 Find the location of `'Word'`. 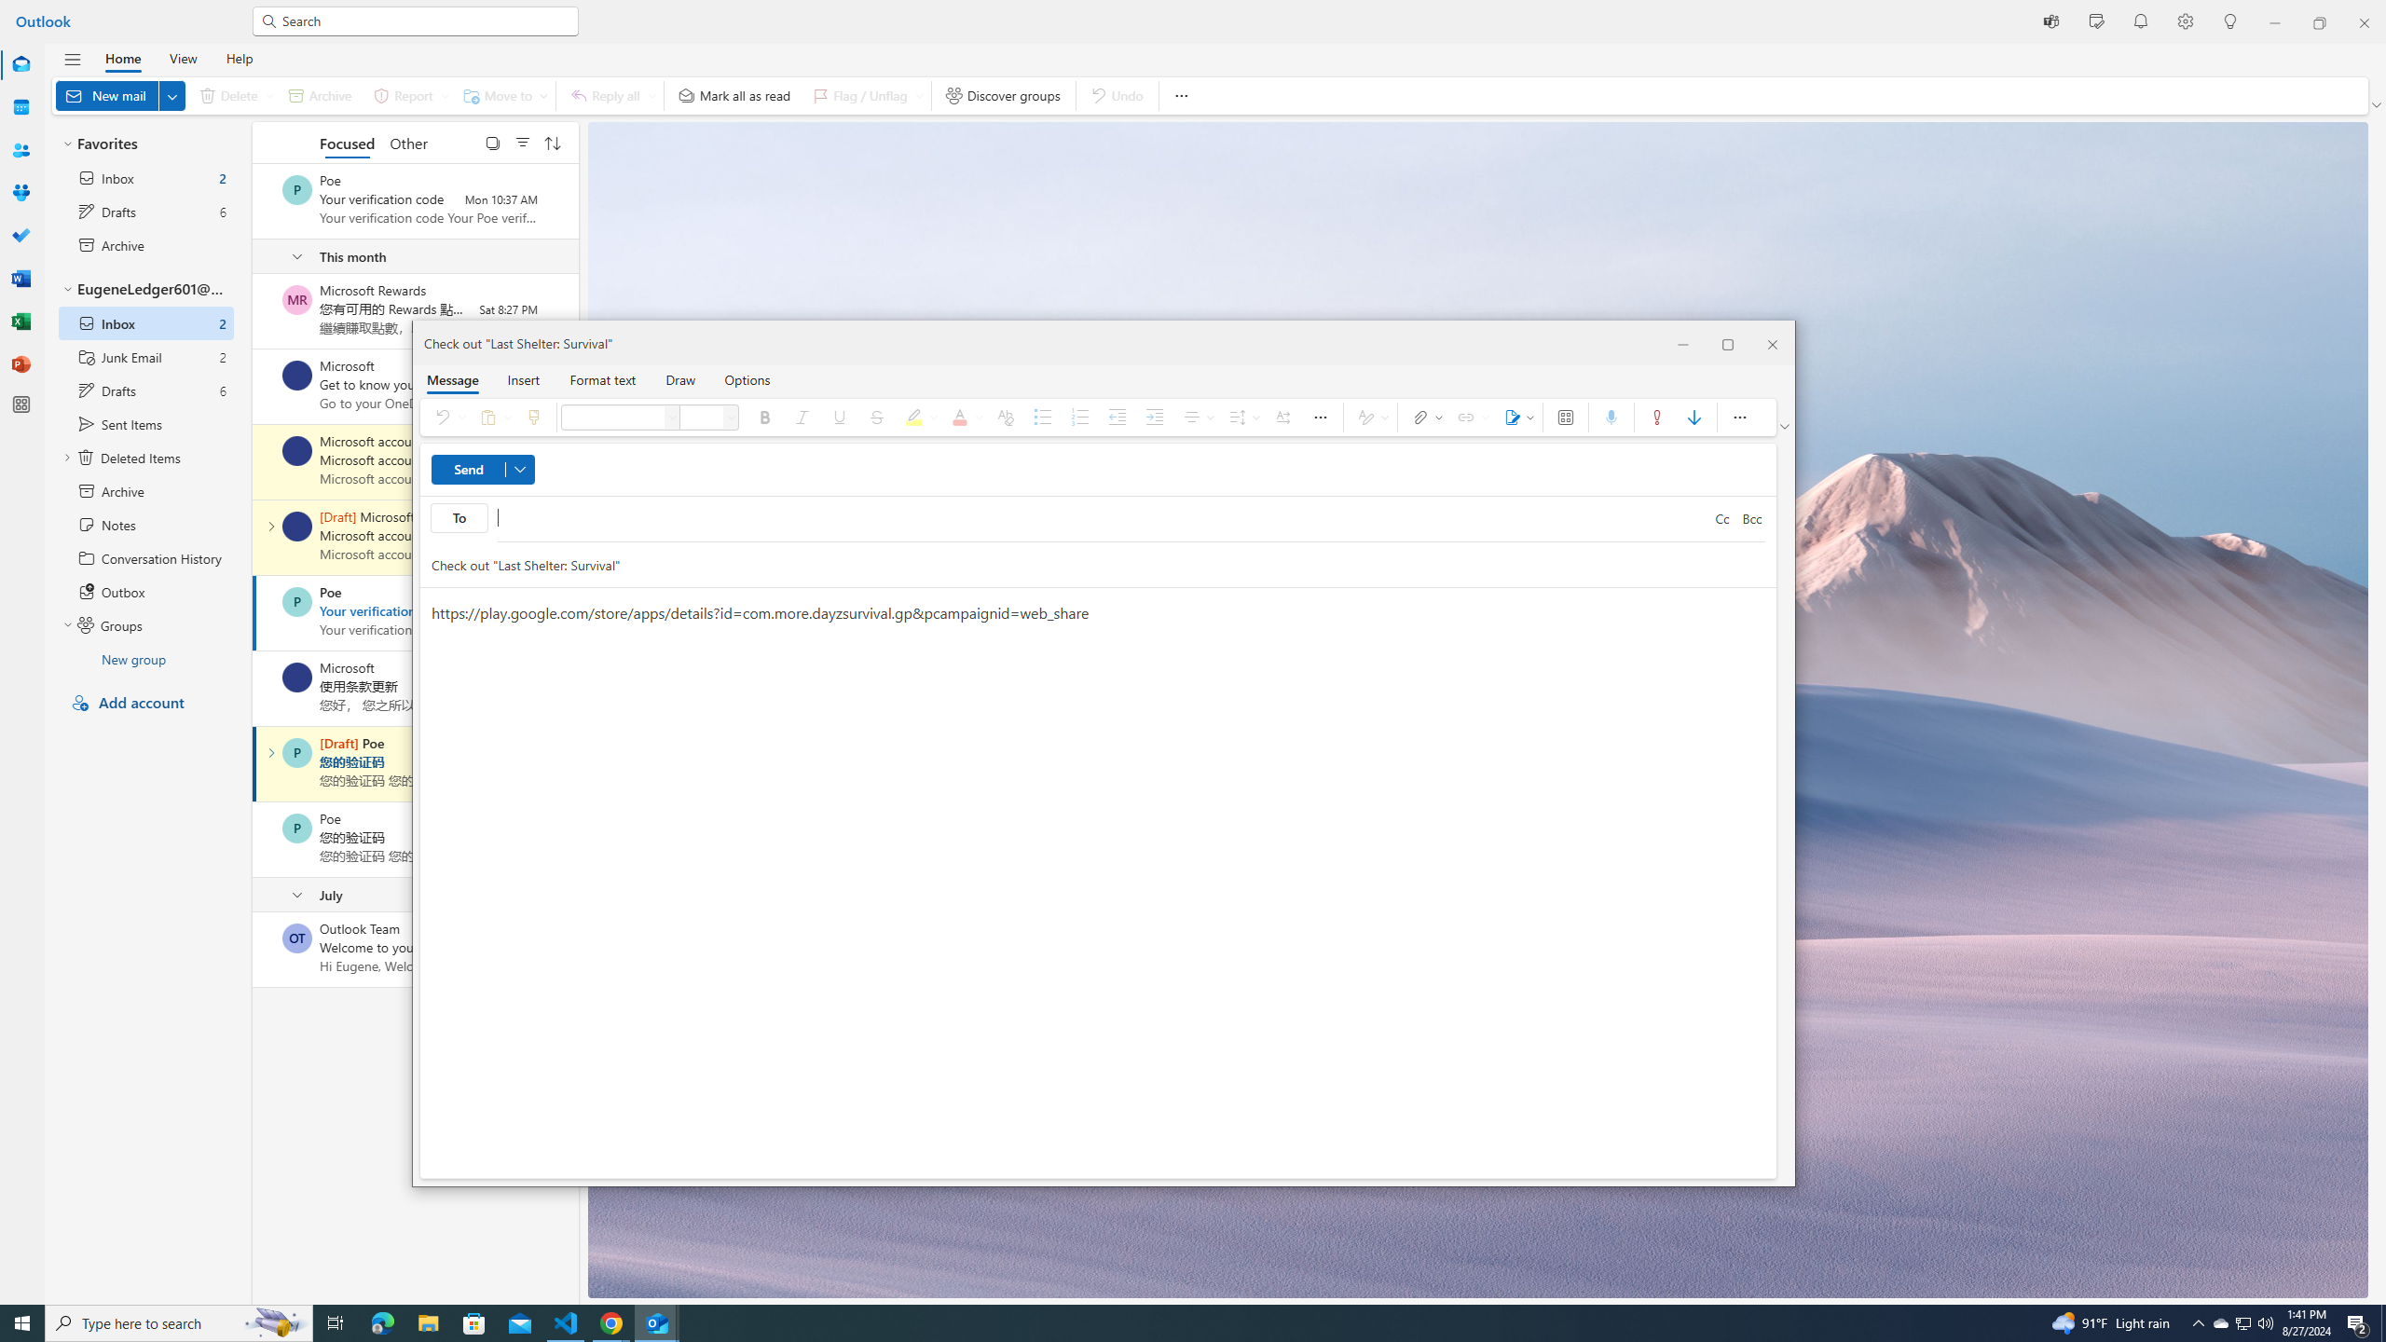

'Word' is located at coordinates (21, 278).